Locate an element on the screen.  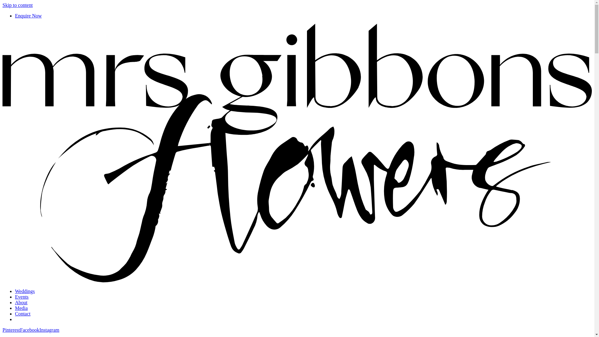
'Contact' is located at coordinates (22, 314).